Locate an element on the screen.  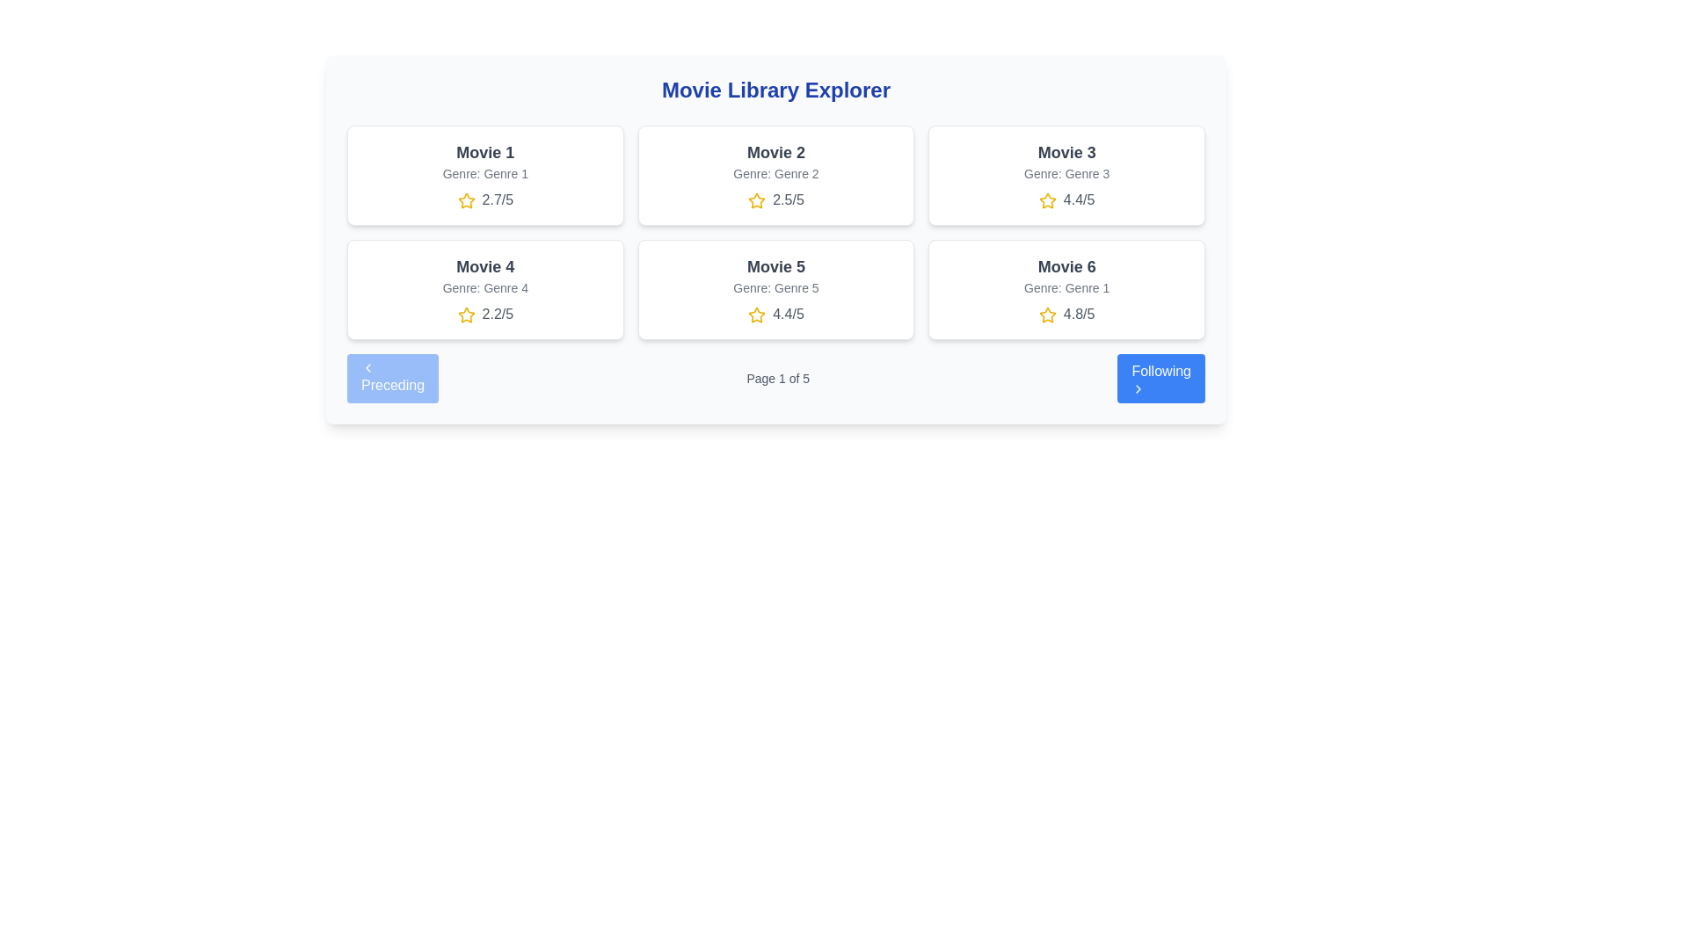
the Text Label displaying the rating score for 'Movie 6' in the bottom-right corner of the 'Movie Library Explorer' interface is located at coordinates (1078, 313).